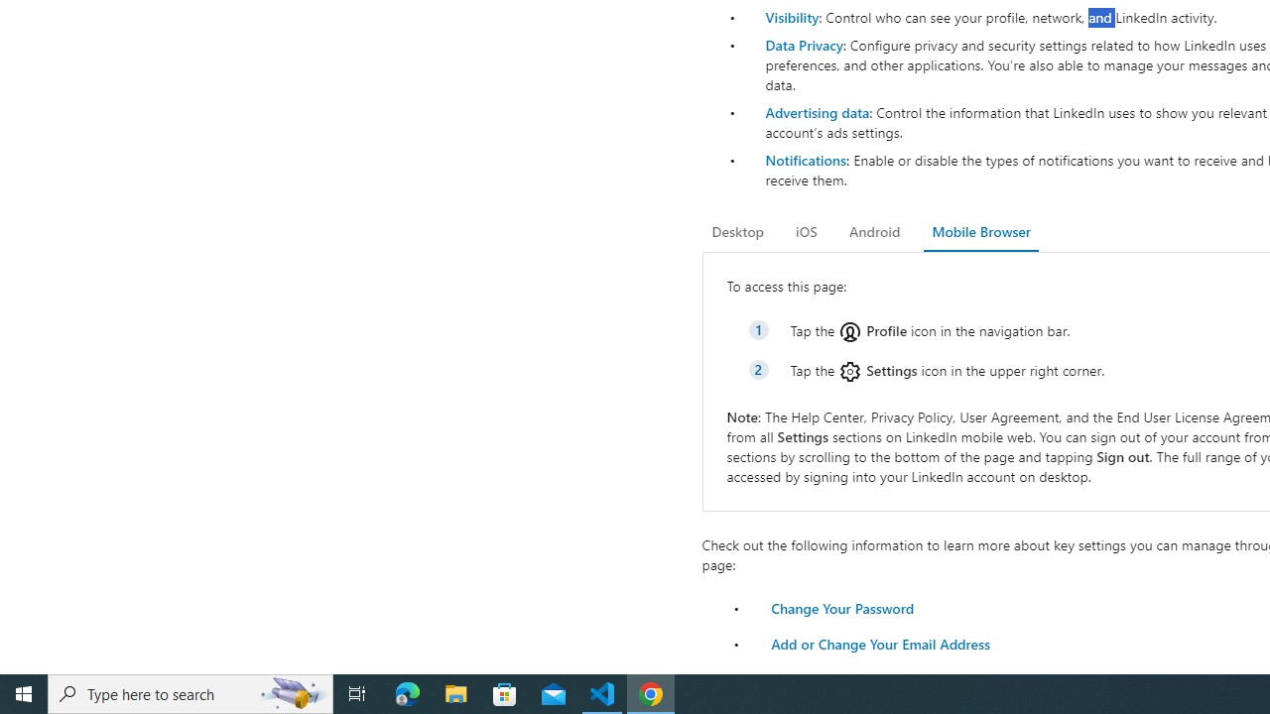 This screenshot has width=1270, height=714. Describe the element at coordinates (842, 607) in the screenshot. I see `'Change Your Password'` at that location.